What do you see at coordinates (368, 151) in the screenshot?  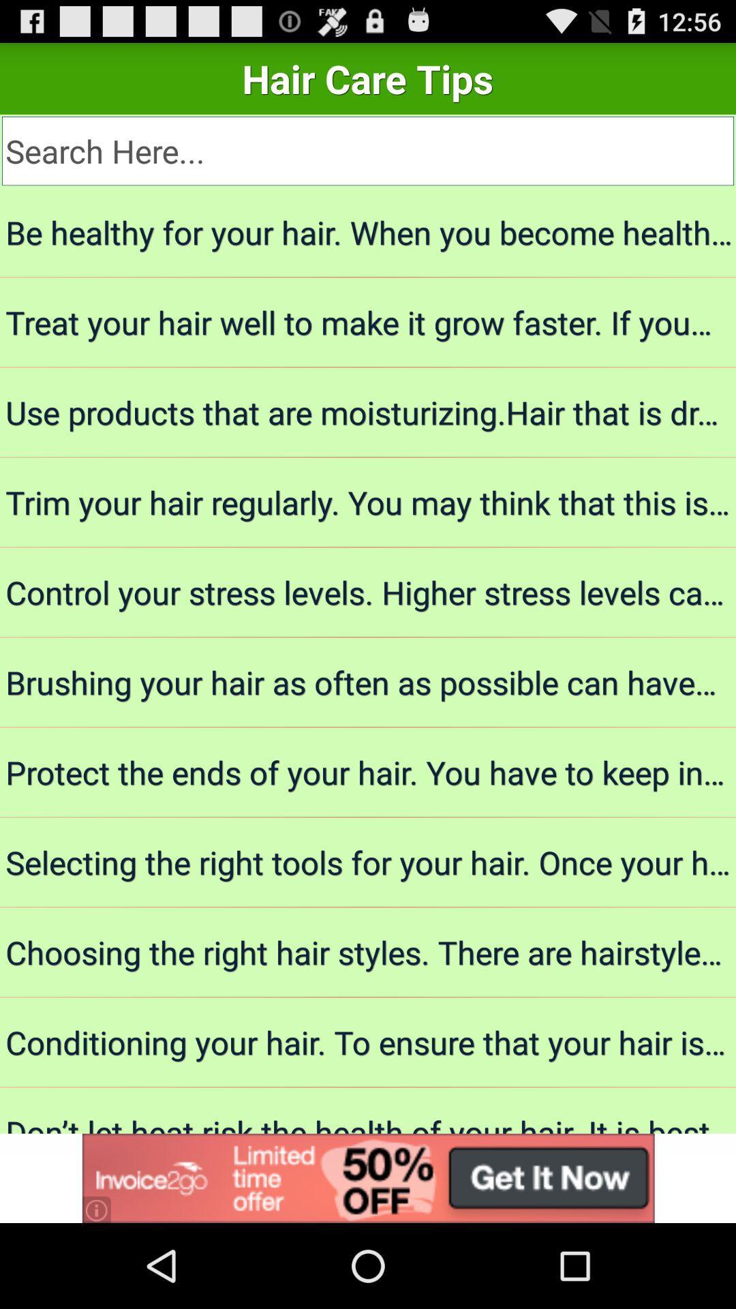 I see `search field` at bounding box center [368, 151].